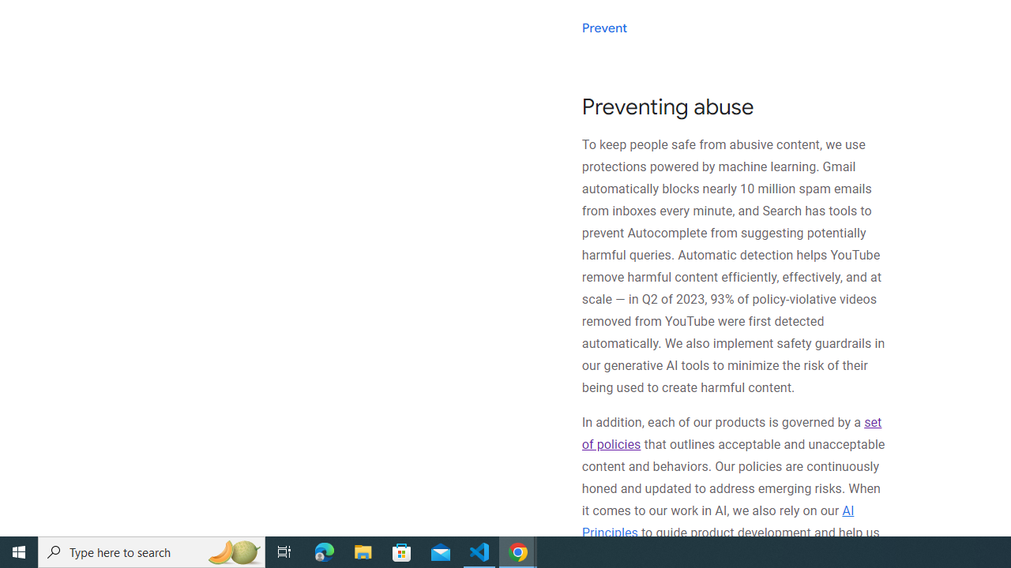 The height and width of the screenshot is (568, 1011). Describe the element at coordinates (402, 551) in the screenshot. I see `'Microsoft Store'` at that location.